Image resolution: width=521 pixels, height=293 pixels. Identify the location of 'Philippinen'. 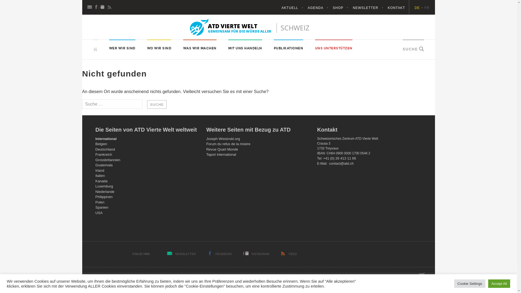
(95, 197).